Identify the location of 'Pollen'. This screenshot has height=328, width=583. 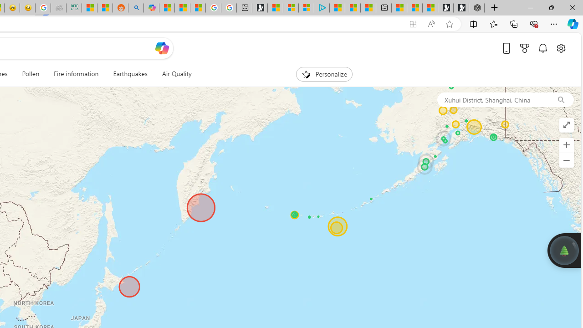
(31, 74).